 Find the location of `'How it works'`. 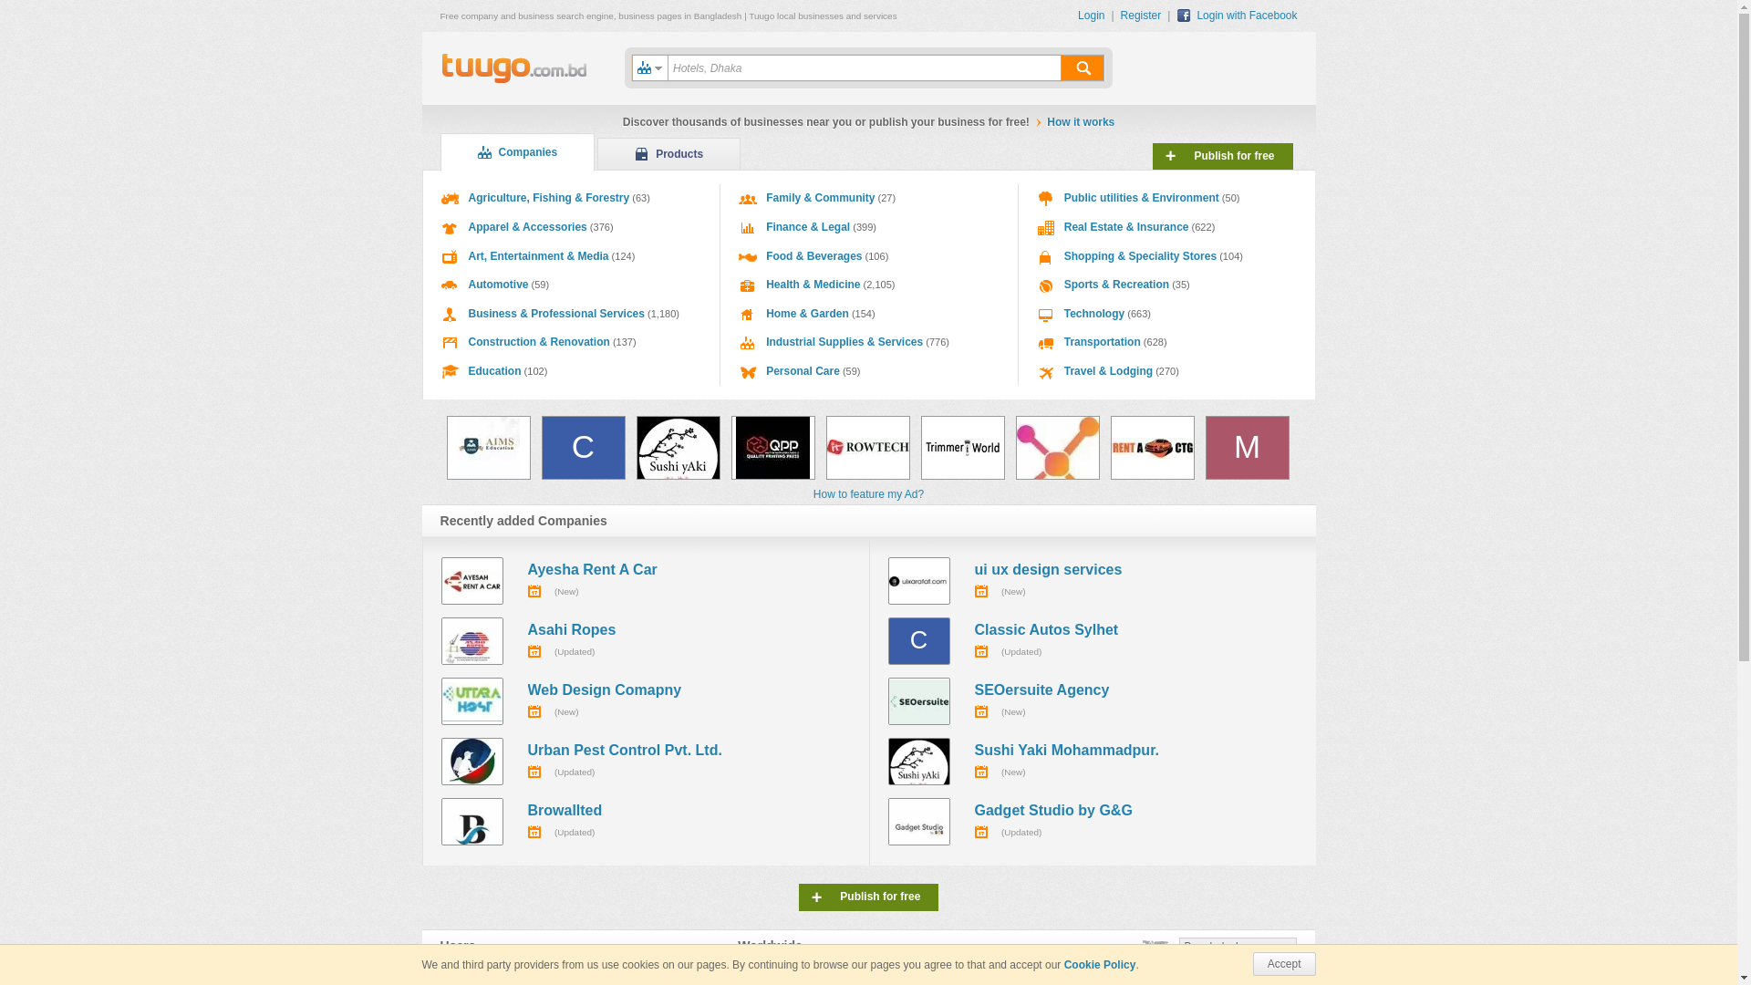

'How it works' is located at coordinates (1046, 122).